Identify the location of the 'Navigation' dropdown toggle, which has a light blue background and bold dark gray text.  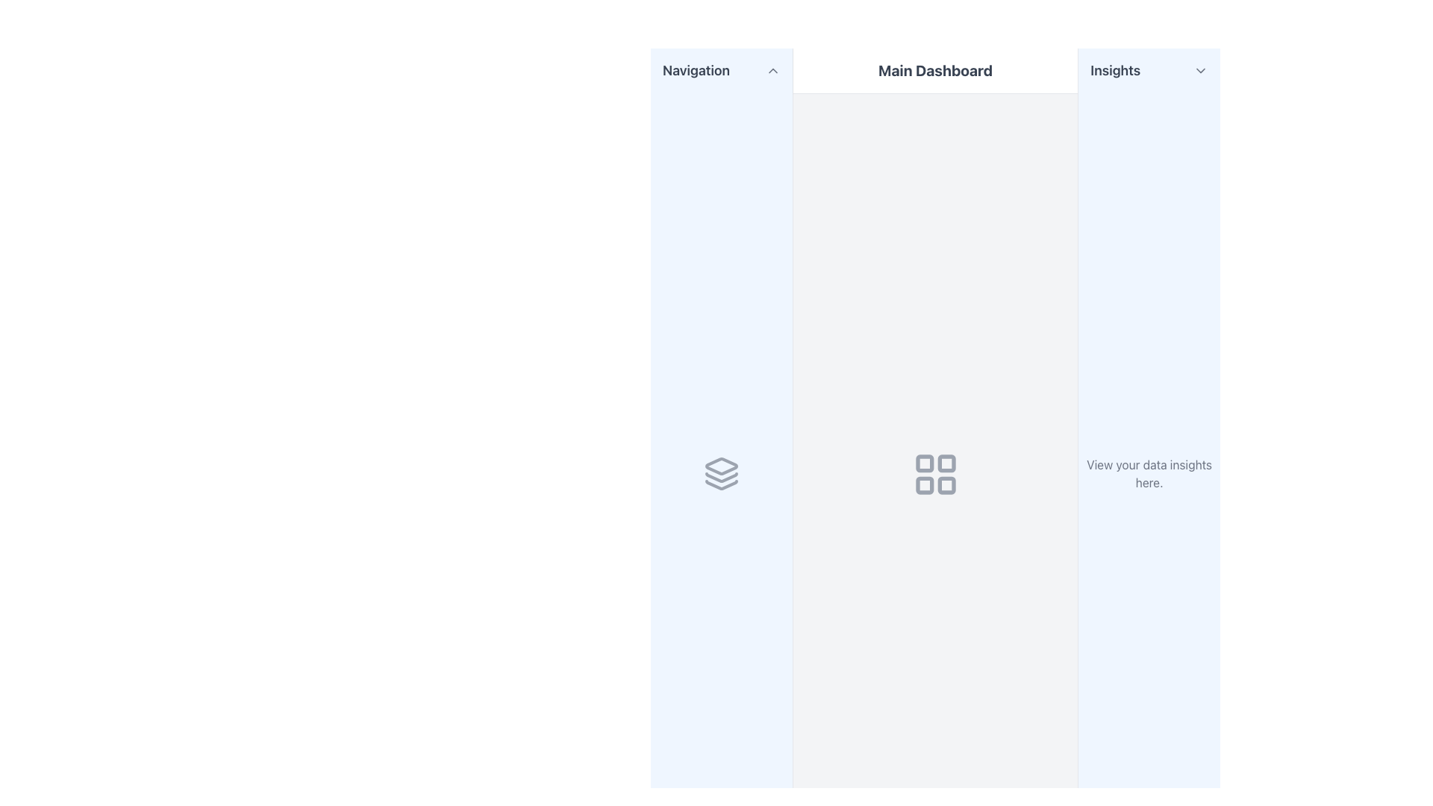
(721, 71).